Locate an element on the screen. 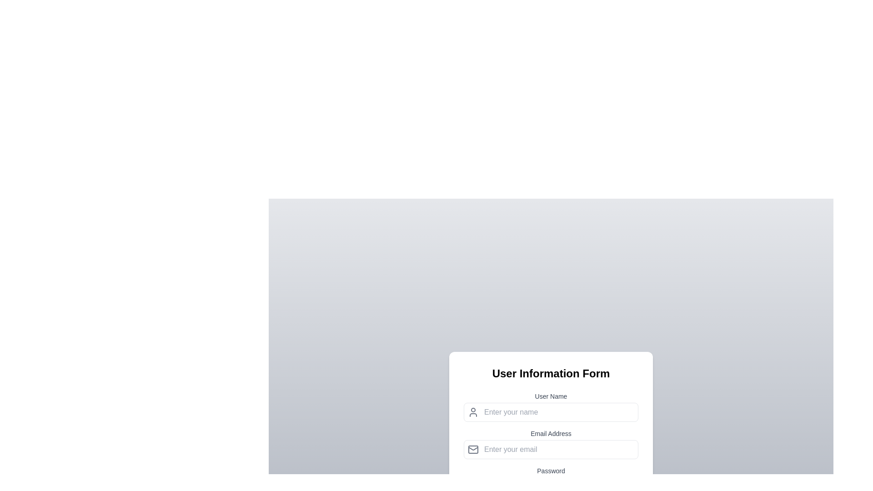  the email icon located to the left of the 'Enter your email' text input in the 'Email Address' section, which visually indicates the purpose of the adjacent input field is located at coordinates (473, 449).